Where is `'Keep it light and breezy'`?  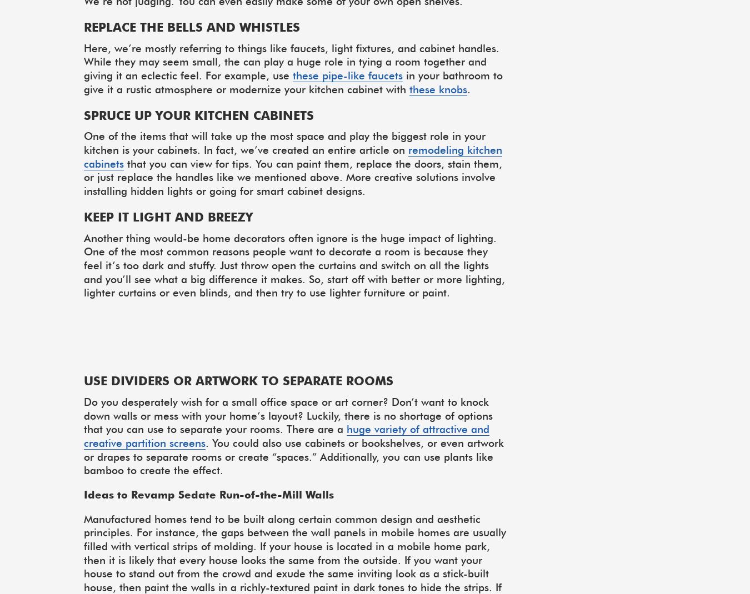 'Keep it light and breezy' is located at coordinates (167, 216).